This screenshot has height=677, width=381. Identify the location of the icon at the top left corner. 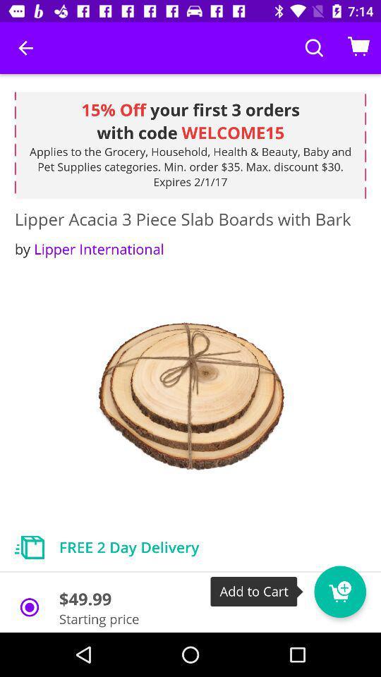
(25, 48).